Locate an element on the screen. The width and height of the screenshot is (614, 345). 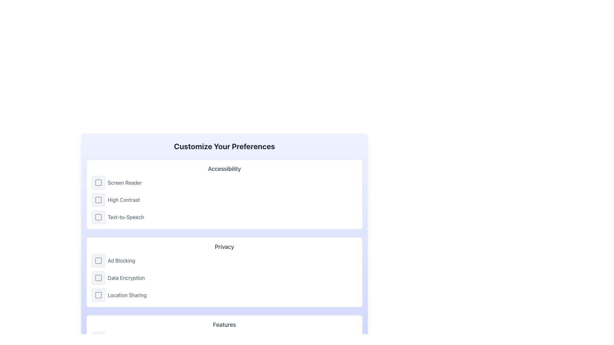
the 'High Contrast' text label located in the Accessibility section is located at coordinates (124, 199).